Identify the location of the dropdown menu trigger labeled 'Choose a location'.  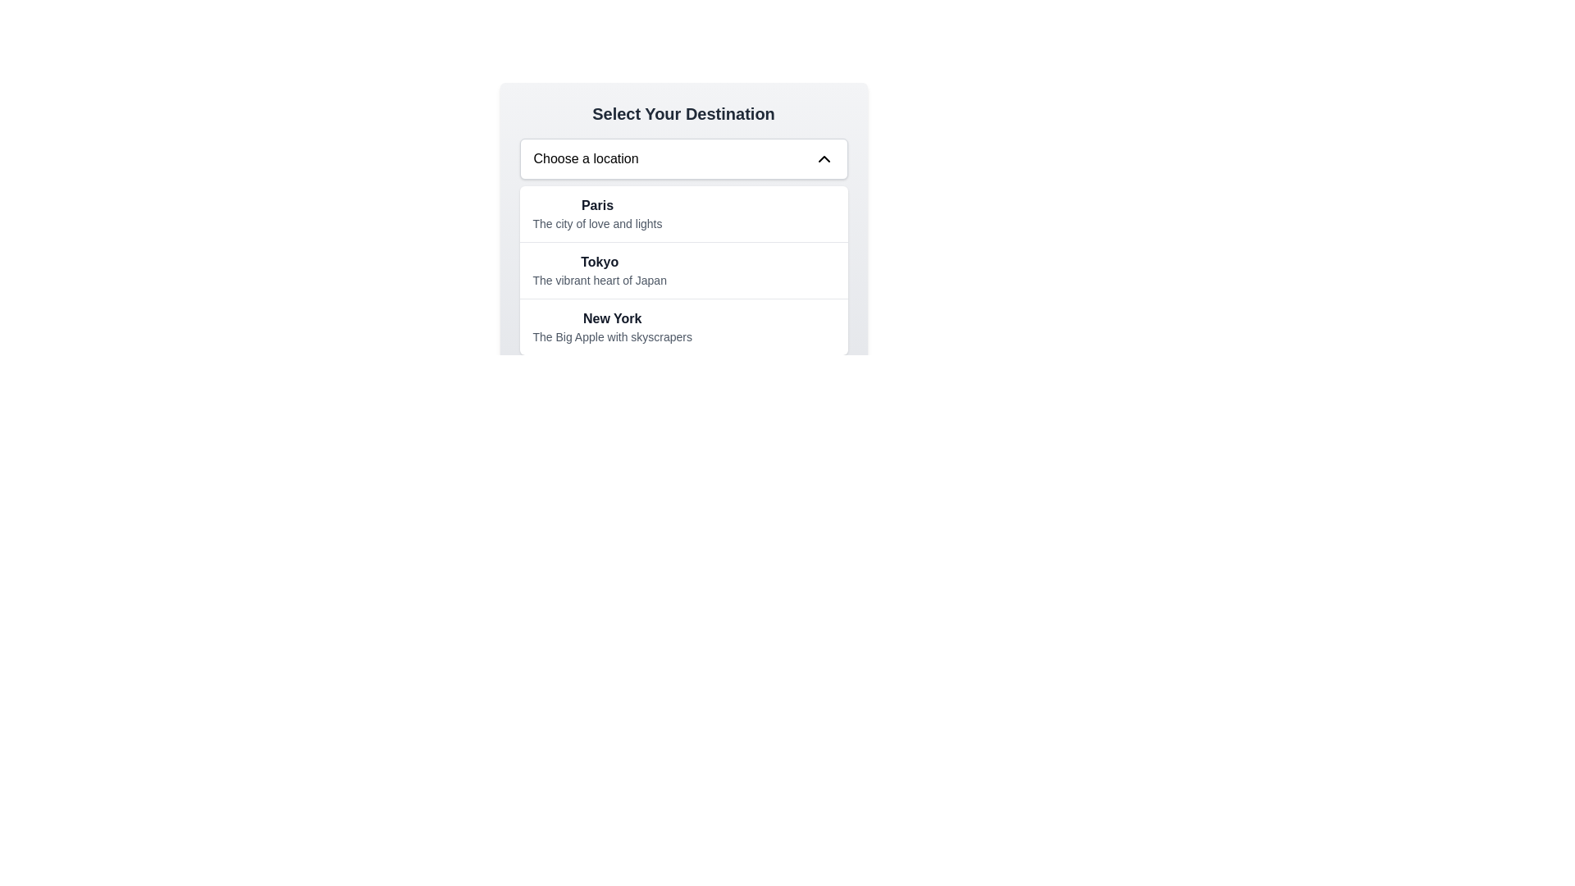
(683, 158).